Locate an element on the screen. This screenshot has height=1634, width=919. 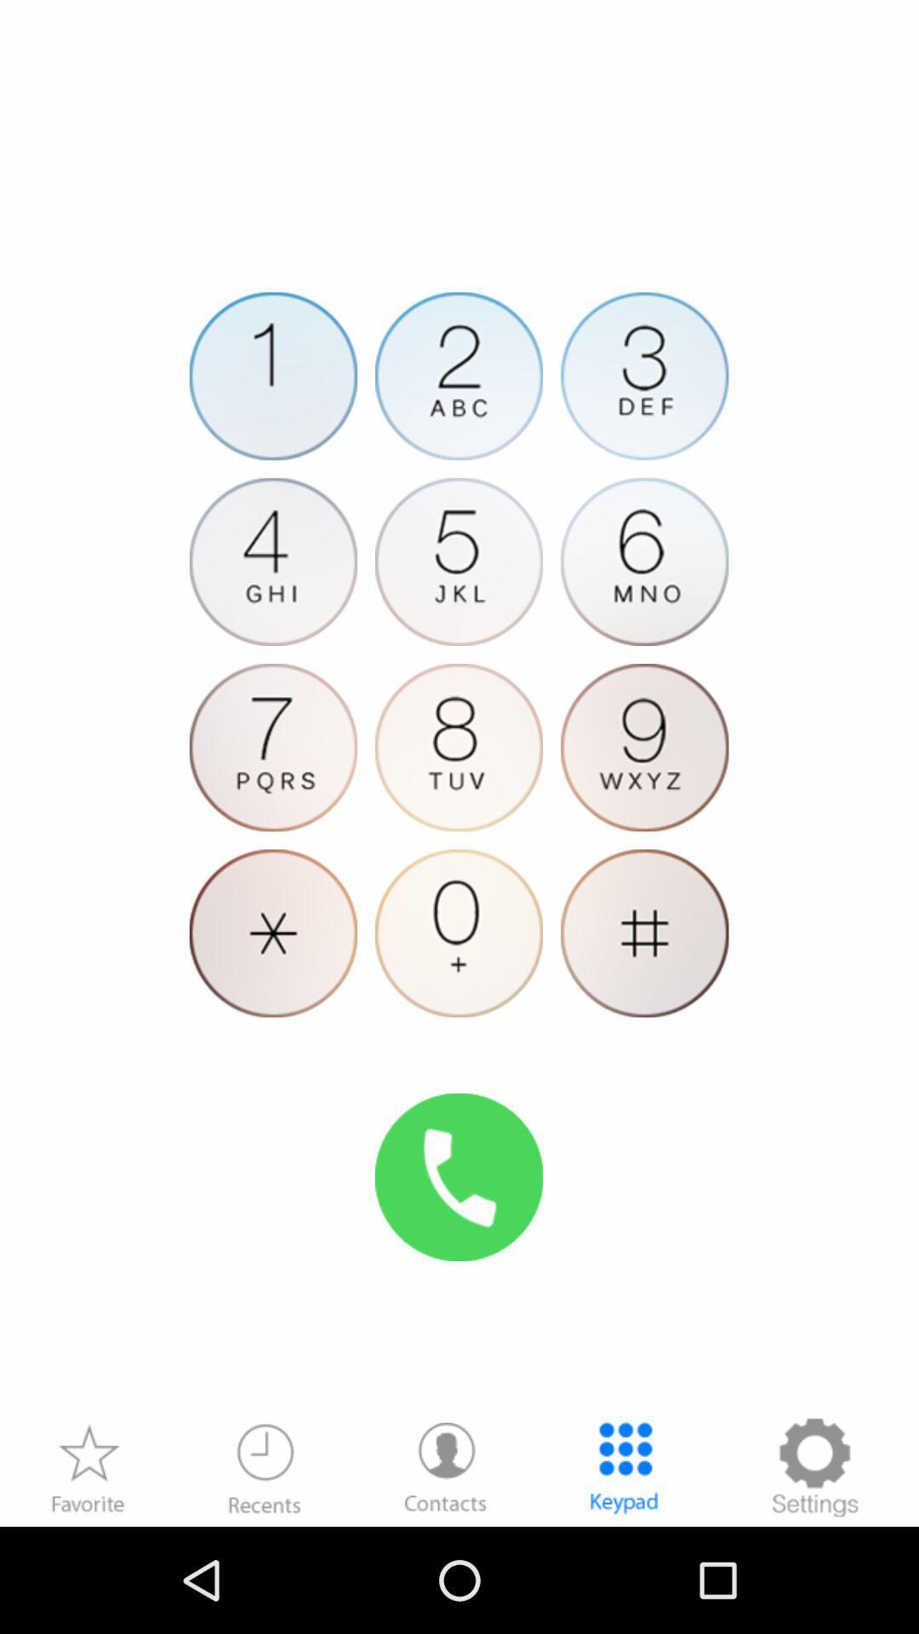
the time icon is located at coordinates (265, 1569).